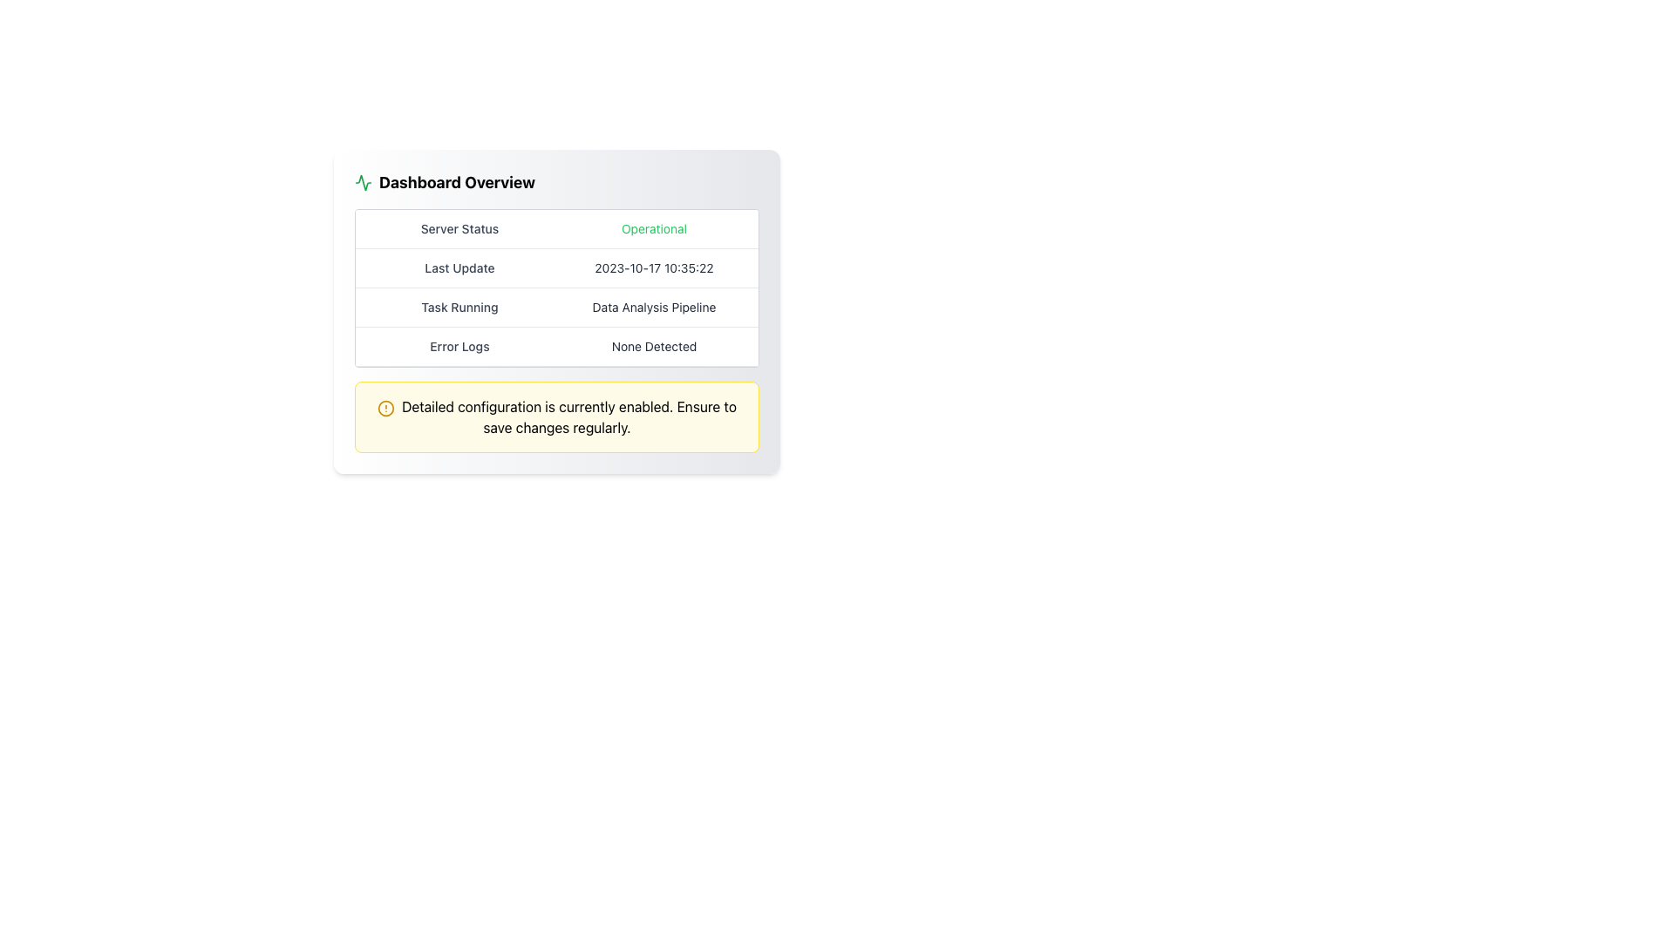  Describe the element at coordinates (653, 307) in the screenshot. I see `the Text Label that indicates 'Task Running', located in the second column of a two-column row under the 'Dashboard Overview' heading` at that location.